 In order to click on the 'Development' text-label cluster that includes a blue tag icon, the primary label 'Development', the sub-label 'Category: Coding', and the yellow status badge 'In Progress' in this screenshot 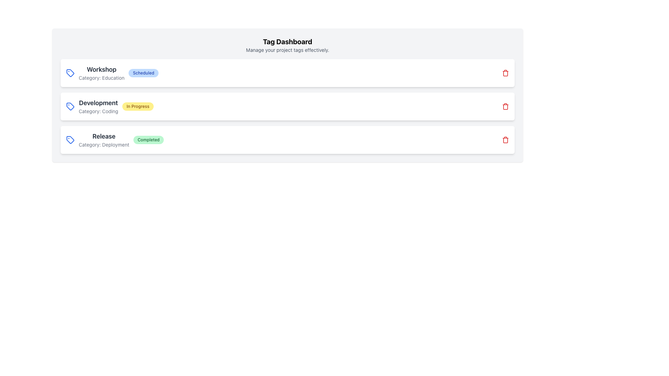, I will do `click(109, 106)`.